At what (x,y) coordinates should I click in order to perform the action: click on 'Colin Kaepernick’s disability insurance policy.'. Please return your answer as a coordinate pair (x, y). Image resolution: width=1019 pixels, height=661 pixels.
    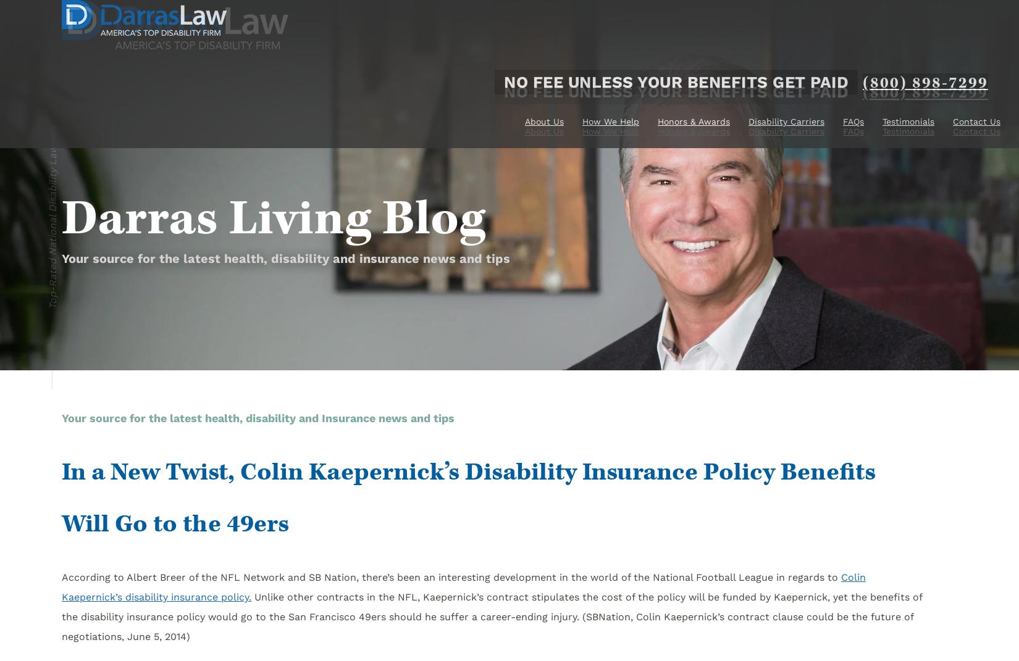
    Looking at the image, I should click on (463, 586).